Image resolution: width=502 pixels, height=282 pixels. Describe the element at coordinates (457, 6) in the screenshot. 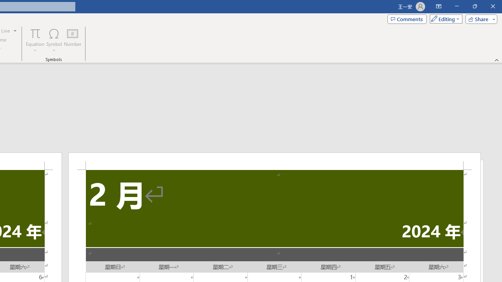

I see `'Minimize'` at that location.